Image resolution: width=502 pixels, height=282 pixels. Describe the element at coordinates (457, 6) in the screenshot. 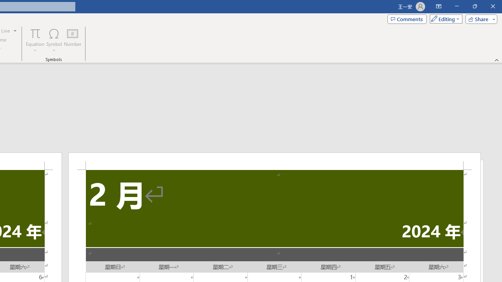

I see `'Minimize'` at that location.